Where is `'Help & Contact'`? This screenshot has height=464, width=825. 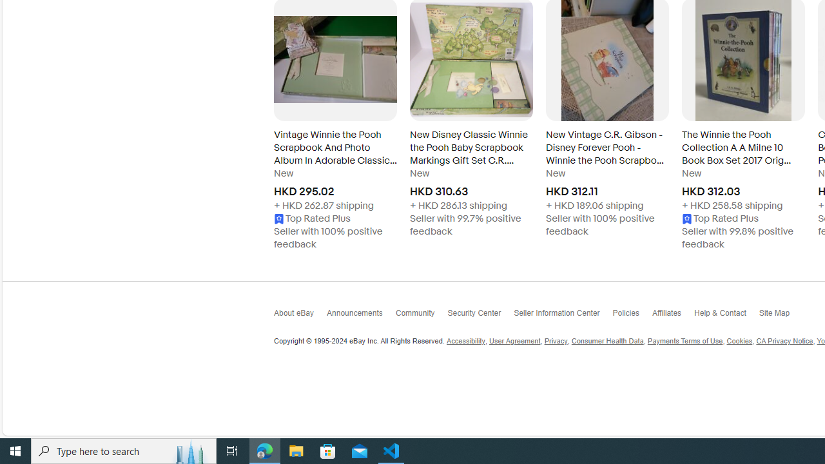
'Help & Contact' is located at coordinates (726, 316).